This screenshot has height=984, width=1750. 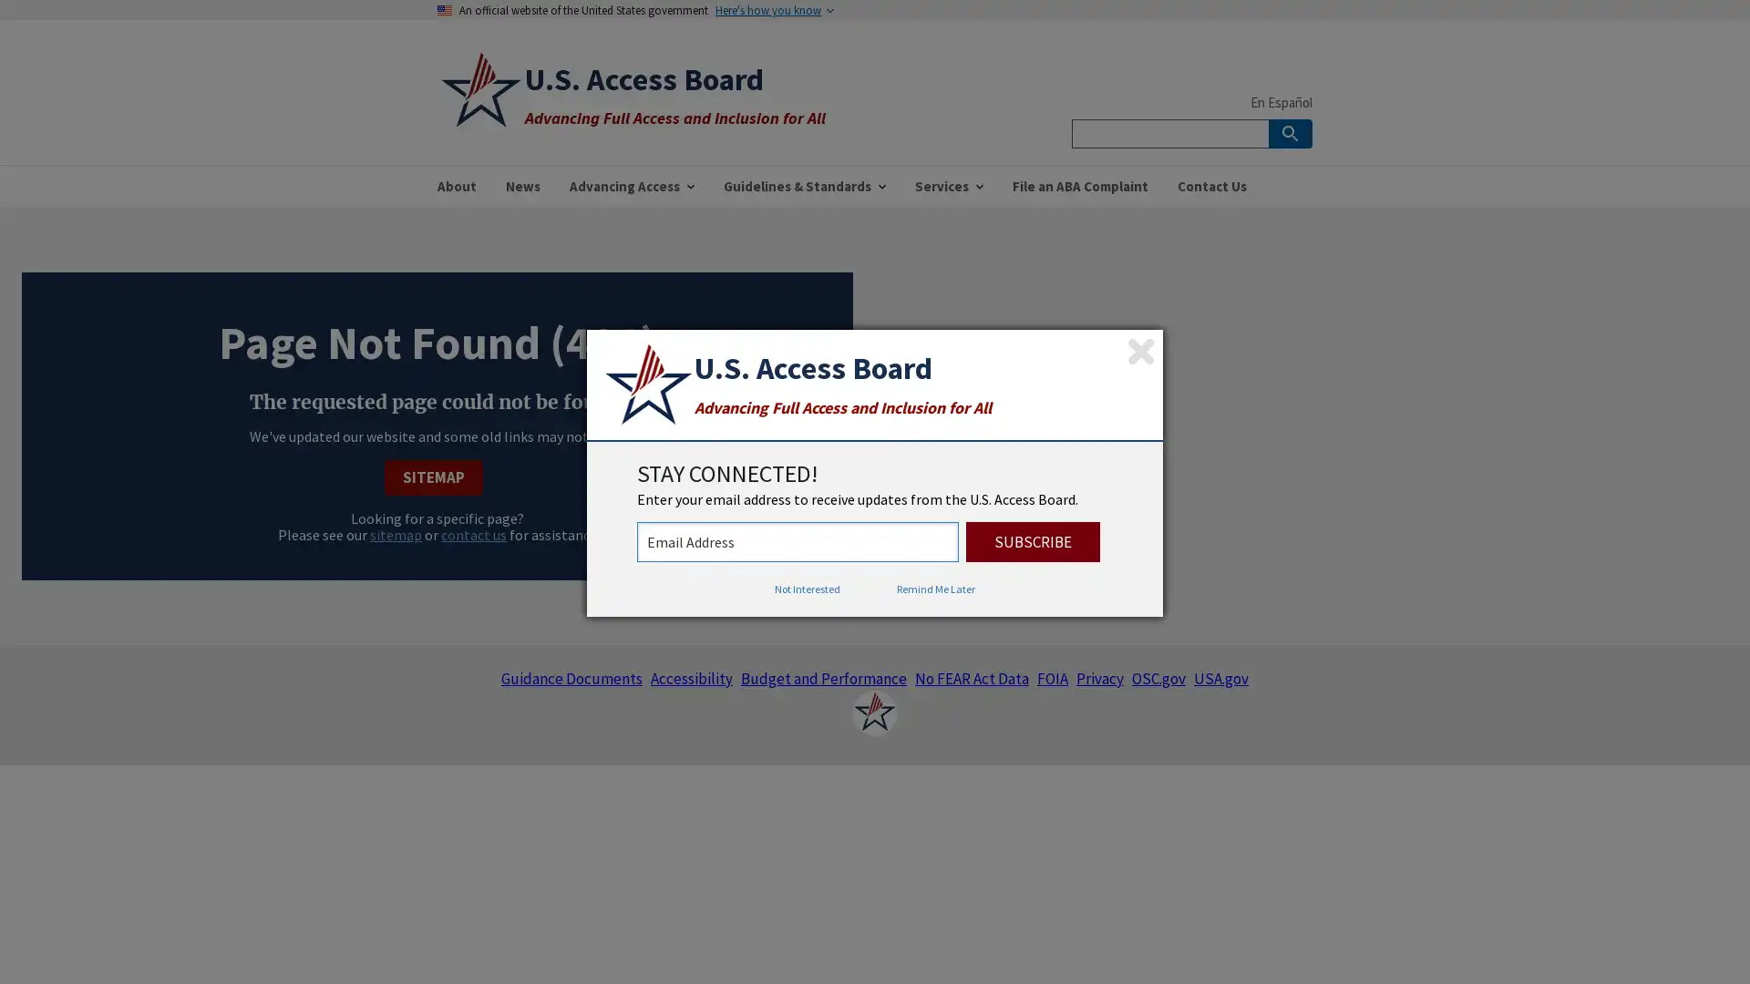 What do you see at coordinates (936, 589) in the screenshot?
I see `Remind Me Later` at bounding box center [936, 589].